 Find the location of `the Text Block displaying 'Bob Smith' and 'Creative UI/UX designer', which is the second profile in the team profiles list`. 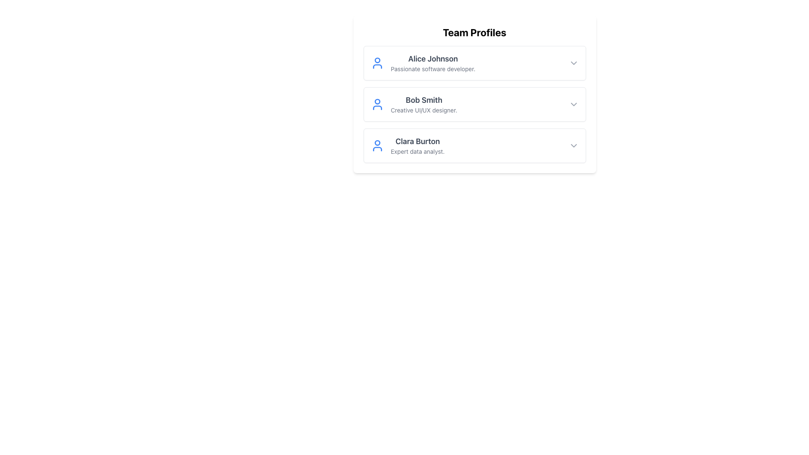

the Text Block displaying 'Bob Smith' and 'Creative UI/UX designer', which is the second profile in the team profiles list is located at coordinates (424, 104).